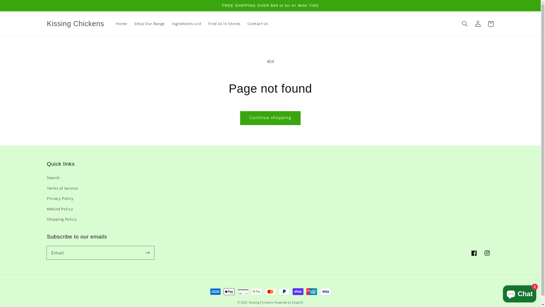 The width and height of the screenshot is (545, 307). What do you see at coordinates (149, 24) in the screenshot?
I see `'Shop Our Range'` at bounding box center [149, 24].